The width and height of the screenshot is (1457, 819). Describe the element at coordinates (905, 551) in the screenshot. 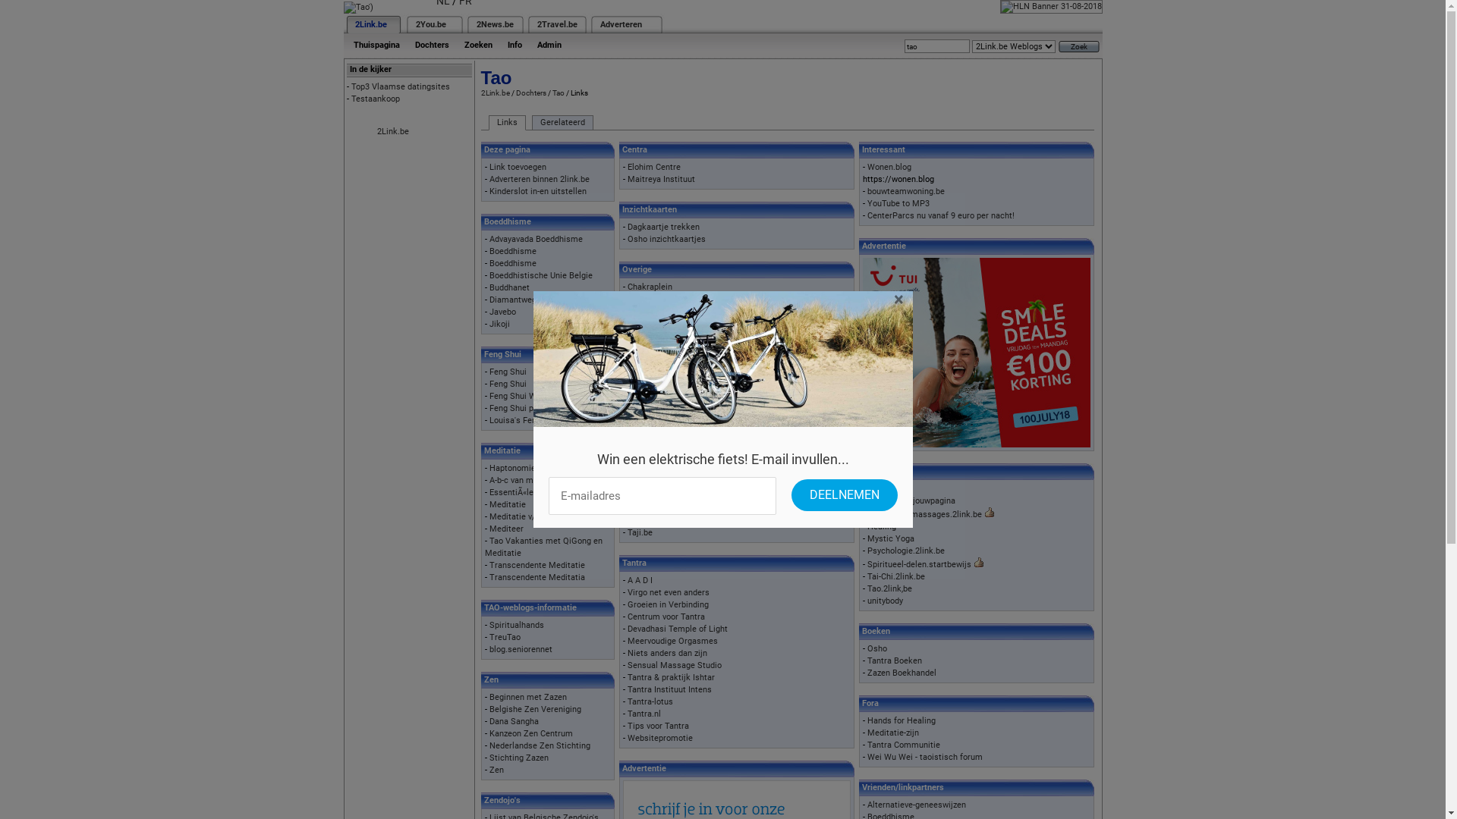

I see `'Psychologie.2link.be'` at that location.